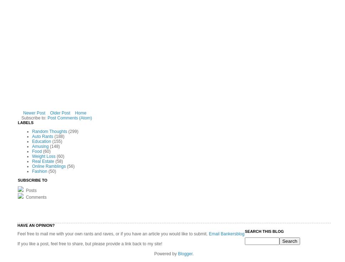 This screenshot has width=345, height=262. Describe the element at coordinates (32, 141) in the screenshot. I see `'Education'` at that location.